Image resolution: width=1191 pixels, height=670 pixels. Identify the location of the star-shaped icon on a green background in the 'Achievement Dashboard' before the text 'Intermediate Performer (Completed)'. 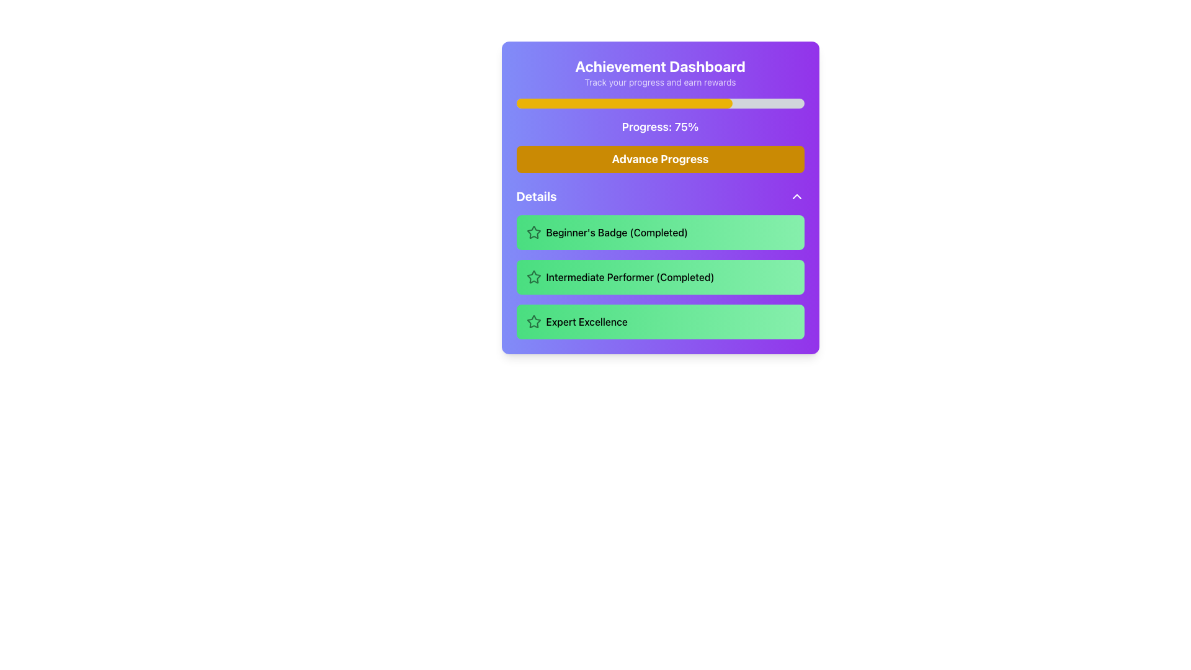
(533, 232).